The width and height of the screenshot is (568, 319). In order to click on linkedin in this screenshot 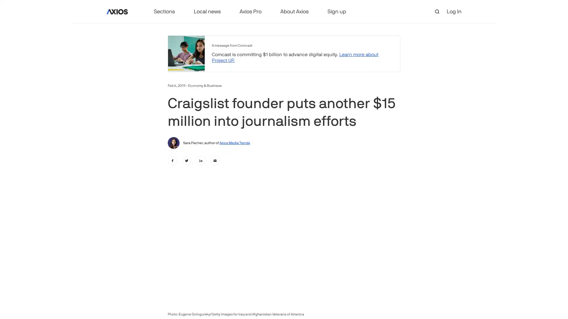, I will do `click(200, 160)`.